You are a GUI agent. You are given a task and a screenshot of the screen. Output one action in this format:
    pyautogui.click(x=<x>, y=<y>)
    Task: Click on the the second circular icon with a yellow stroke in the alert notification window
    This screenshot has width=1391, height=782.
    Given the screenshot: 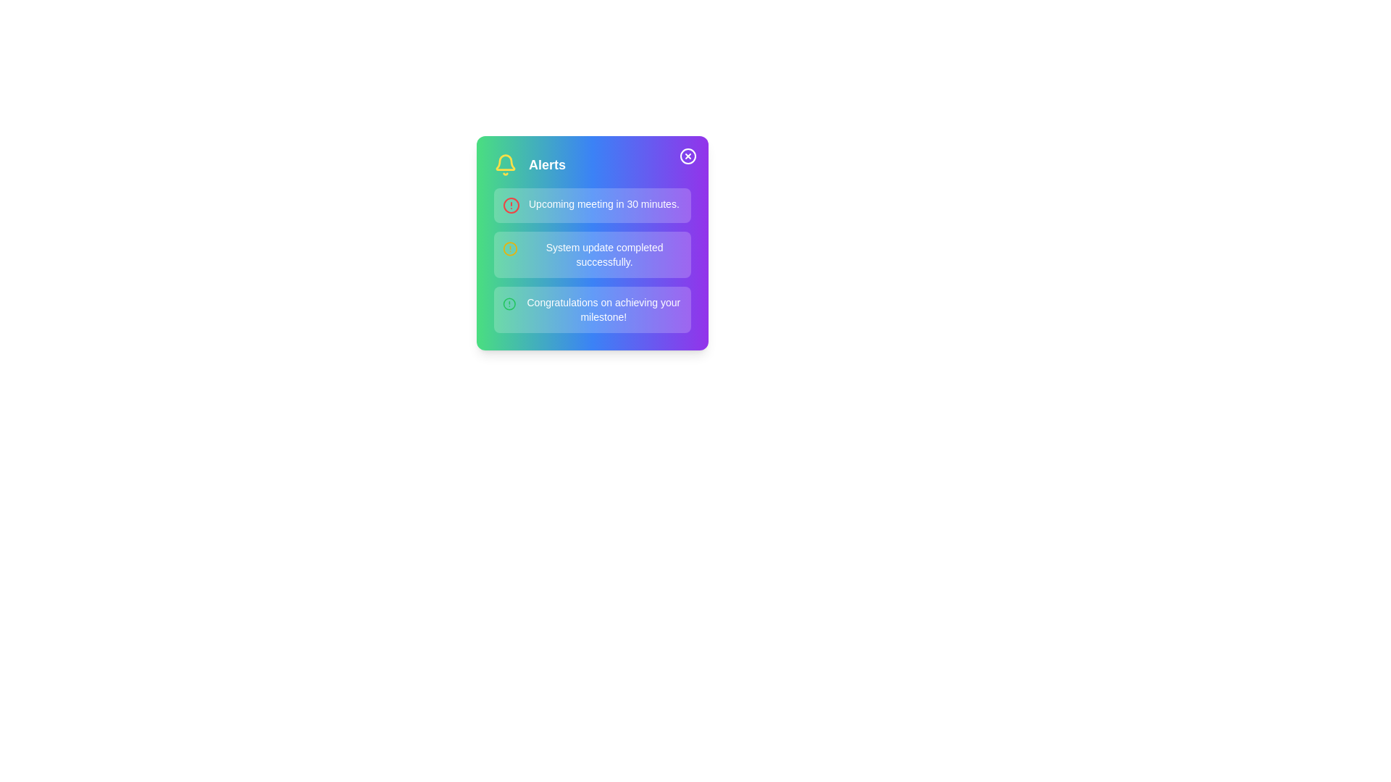 What is the action you would take?
    pyautogui.click(x=510, y=248)
    